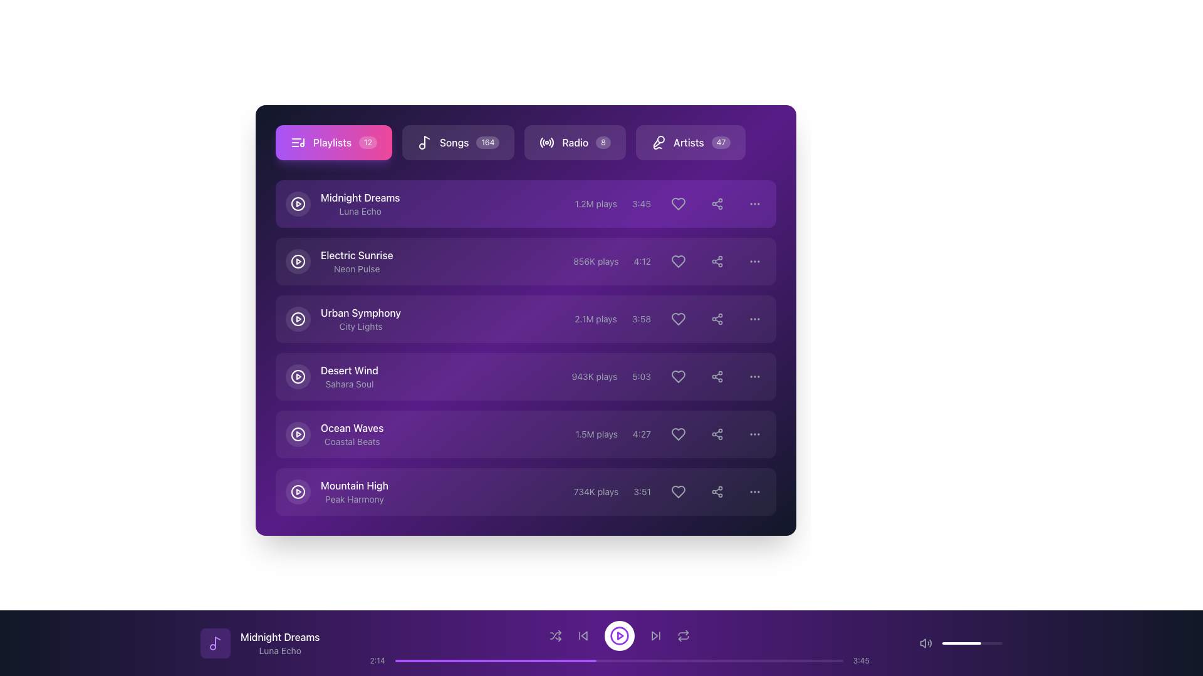 The image size is (1203, 676). What do you see at coordinates (526, 203) in the screenshot?
I see `the 'Midnight Dreams' track card, which has a rounded rectangle shape and purple gradient background` at bounding box center [526, 203].